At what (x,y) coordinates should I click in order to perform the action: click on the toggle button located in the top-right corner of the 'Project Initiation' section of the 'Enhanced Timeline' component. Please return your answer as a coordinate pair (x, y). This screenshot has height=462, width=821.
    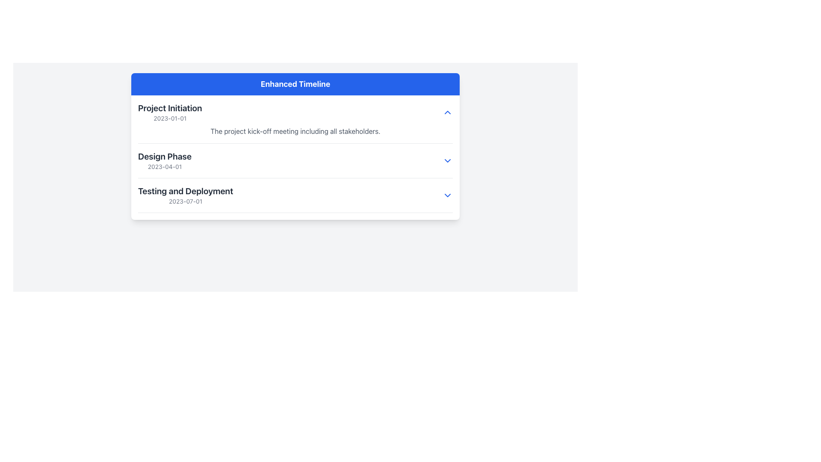
    Looking at the image, I should click on (447, 112).